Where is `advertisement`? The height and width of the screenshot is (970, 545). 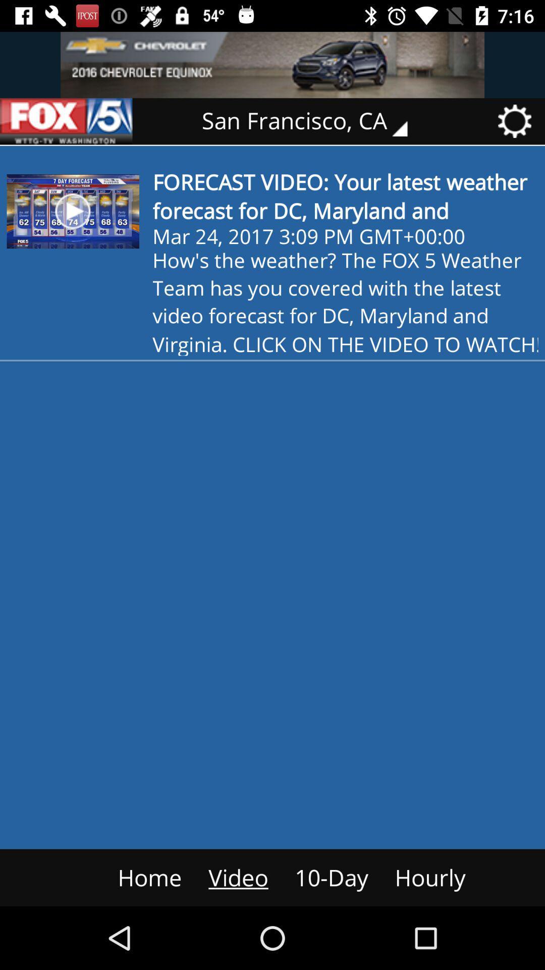 advertisement is located at coordinates (272, 64).